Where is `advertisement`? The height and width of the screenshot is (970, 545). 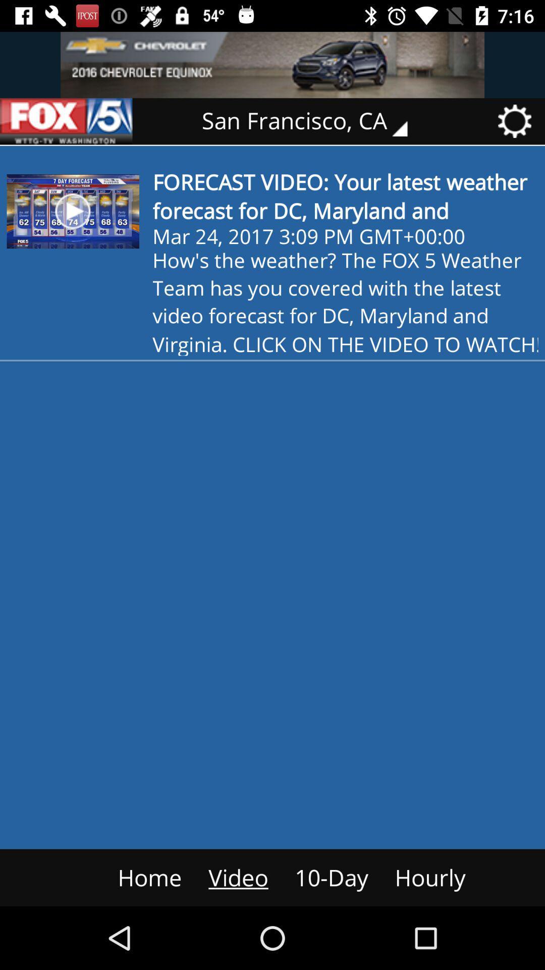 advertisement is located at coordinates (272, 64).